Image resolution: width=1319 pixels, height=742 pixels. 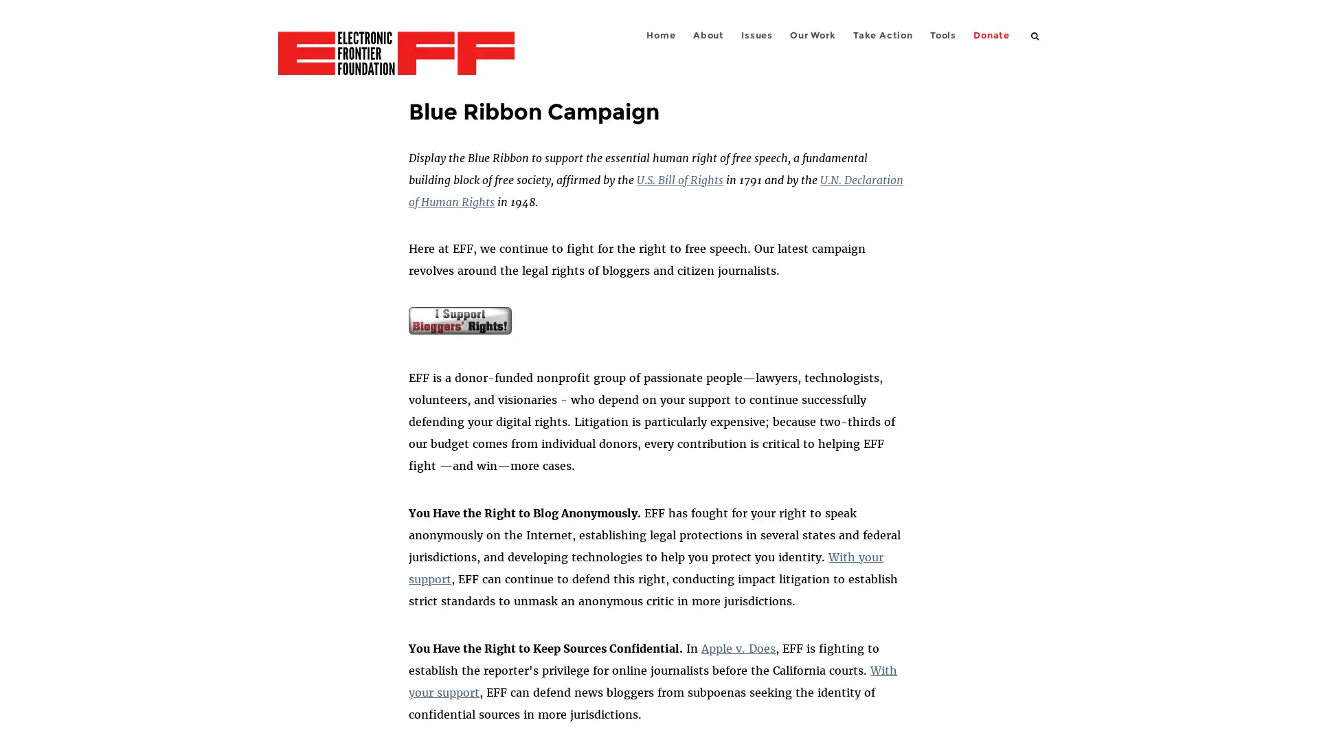 What do you see at coordinates (1035, 34) in the screenshot?
I see `search` at bounding box center [1035, 34].